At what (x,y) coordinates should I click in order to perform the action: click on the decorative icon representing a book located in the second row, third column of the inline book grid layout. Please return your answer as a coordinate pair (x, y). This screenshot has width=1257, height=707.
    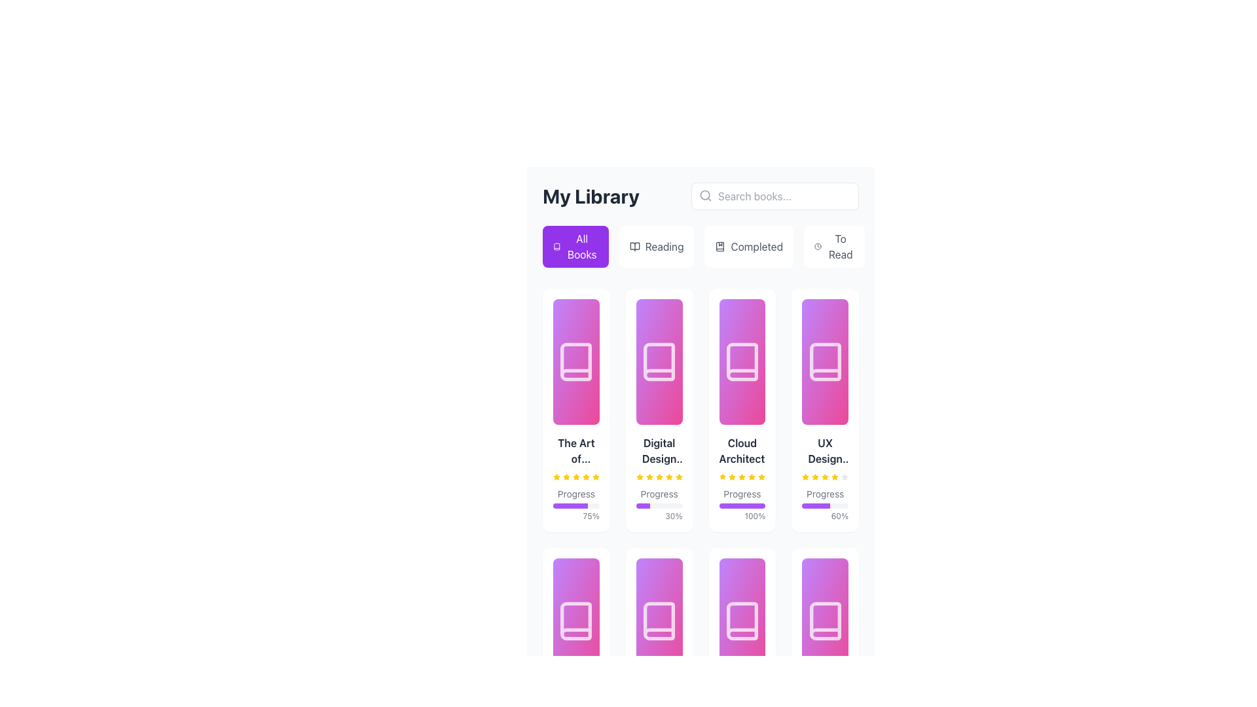
    Looking at the image, I should click on (742, 620).